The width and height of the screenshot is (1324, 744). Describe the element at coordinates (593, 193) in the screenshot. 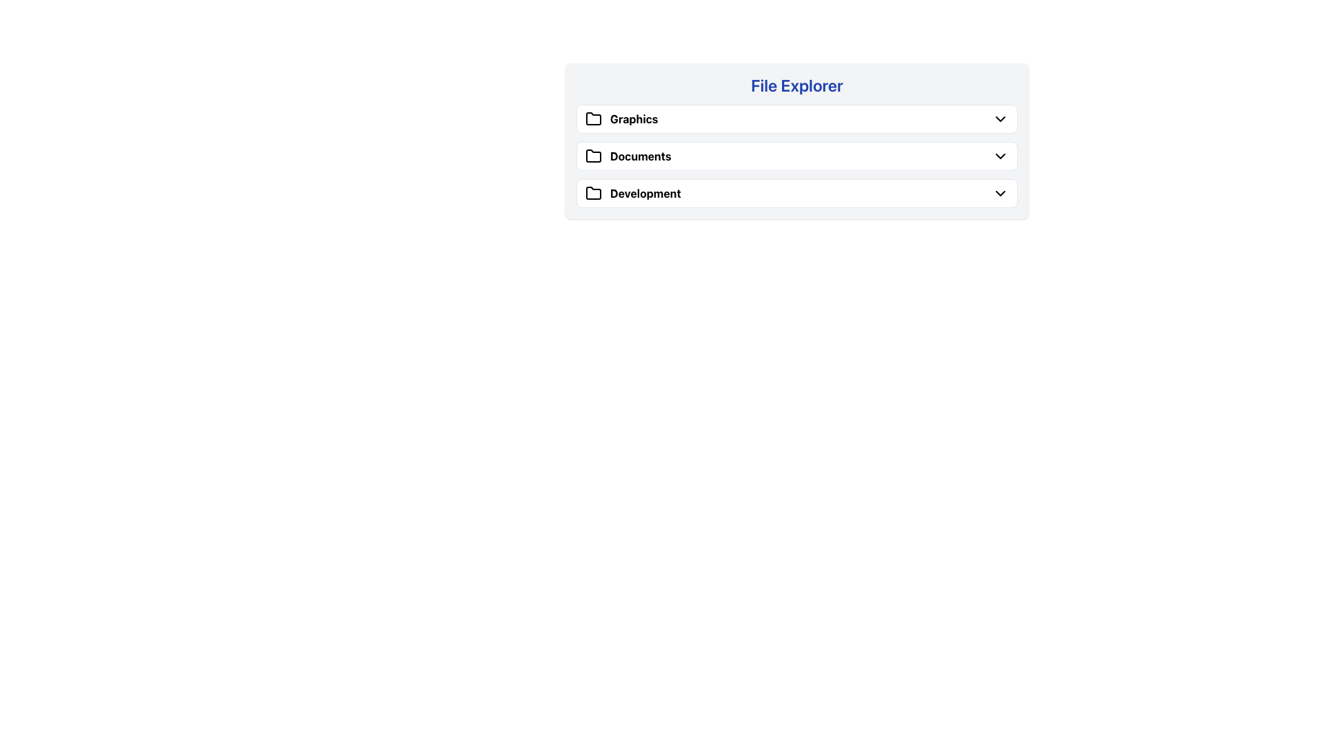

I see `the folder icon, represented as a rectangular shape with an extended flap at the top-left corner` at that location.